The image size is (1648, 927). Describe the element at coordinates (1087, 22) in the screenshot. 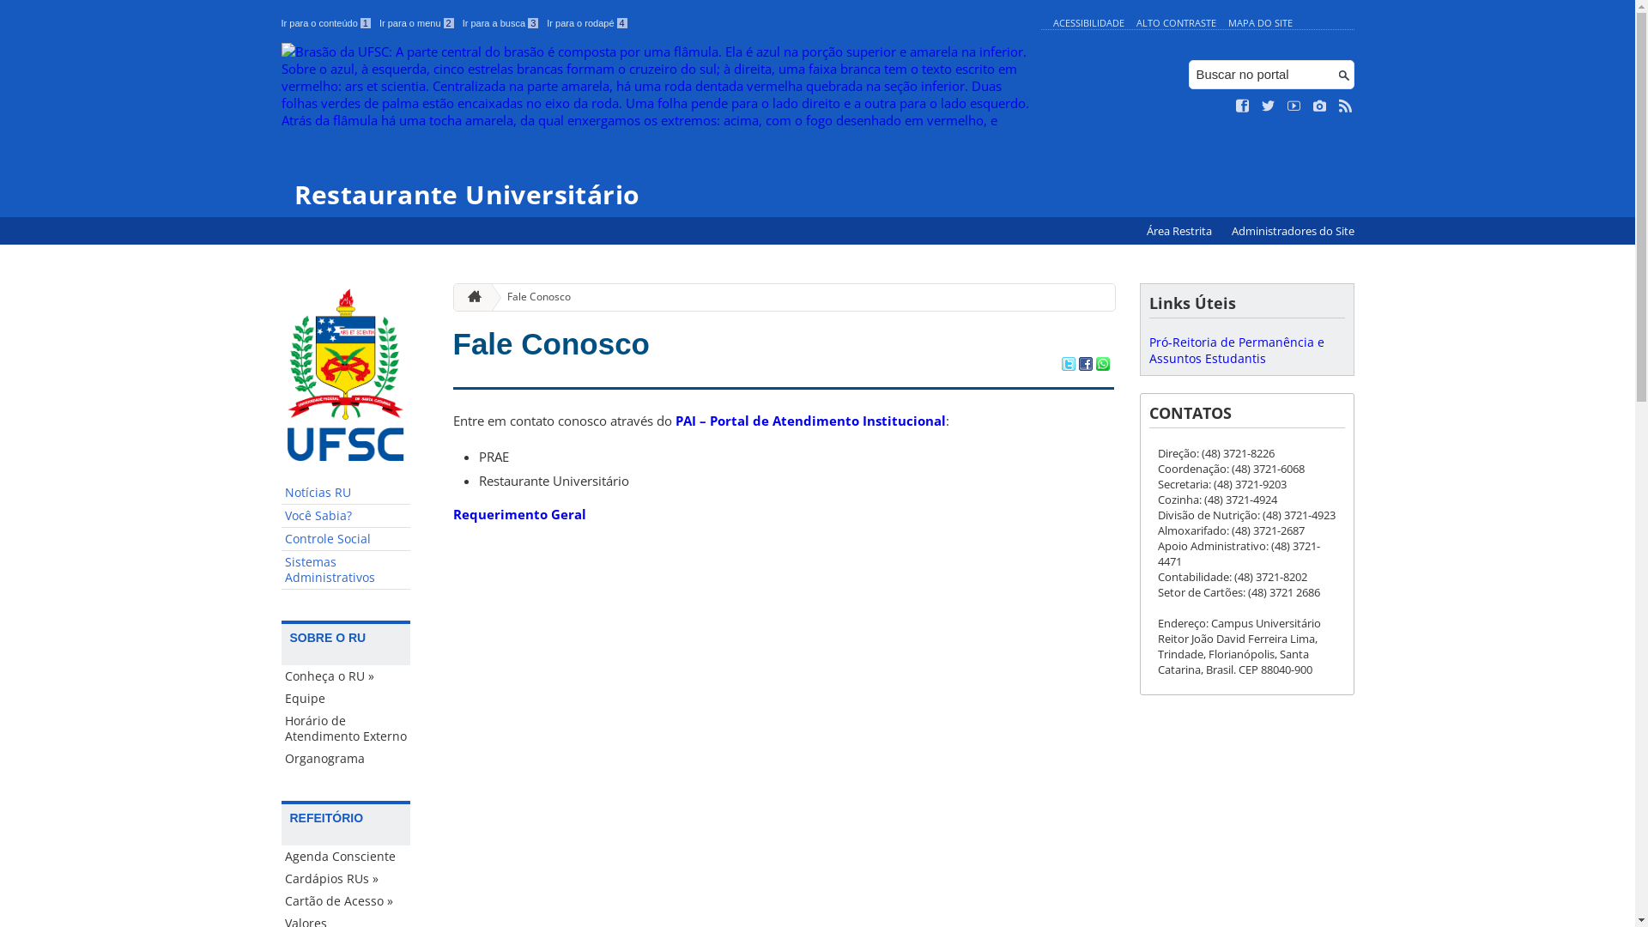

I see `'ACESSIBILIDADE'` at that location.